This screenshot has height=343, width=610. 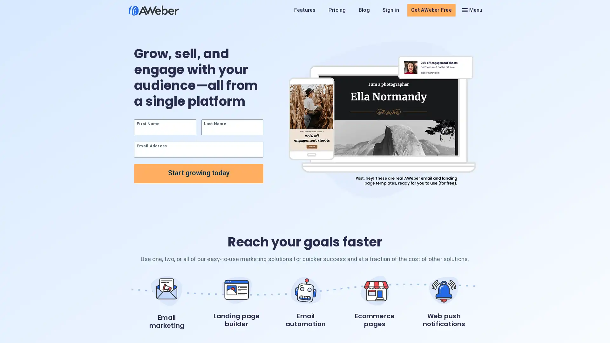 What do you see at coordinates (198, 173) in the screenshot?
I see `Start growing today` at bounding box center [198, 173].